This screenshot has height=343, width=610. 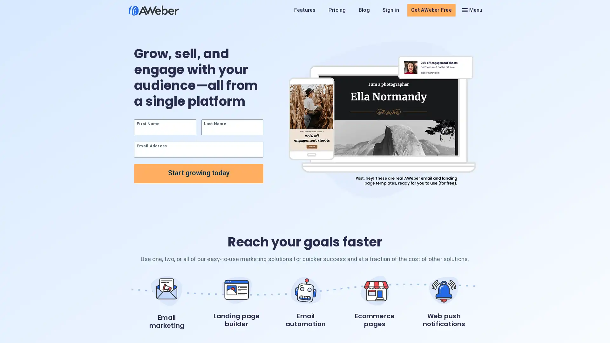 What do you see at coordinates (198, 173) in the screenshot?
I see `Start growing today` at bounding box center [198, 173].